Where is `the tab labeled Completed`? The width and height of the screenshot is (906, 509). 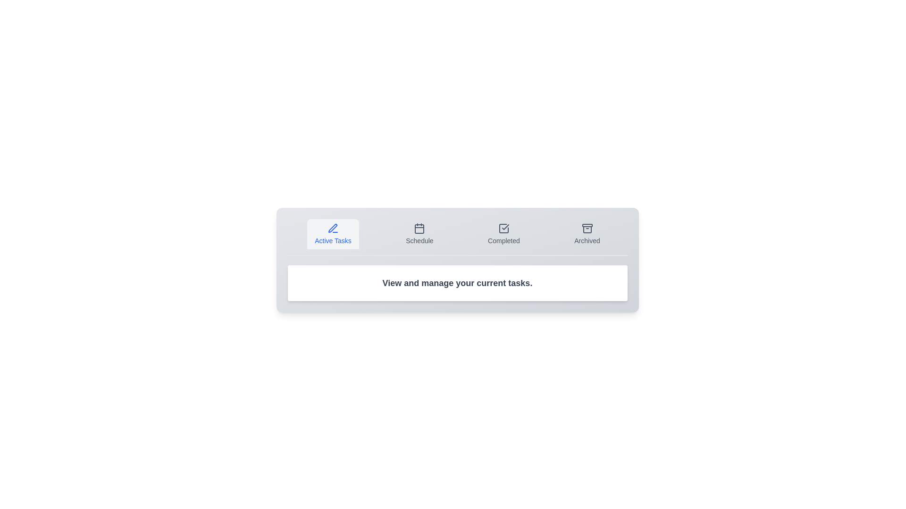 the tab labeled Completed is located at coordinates (503, 234).